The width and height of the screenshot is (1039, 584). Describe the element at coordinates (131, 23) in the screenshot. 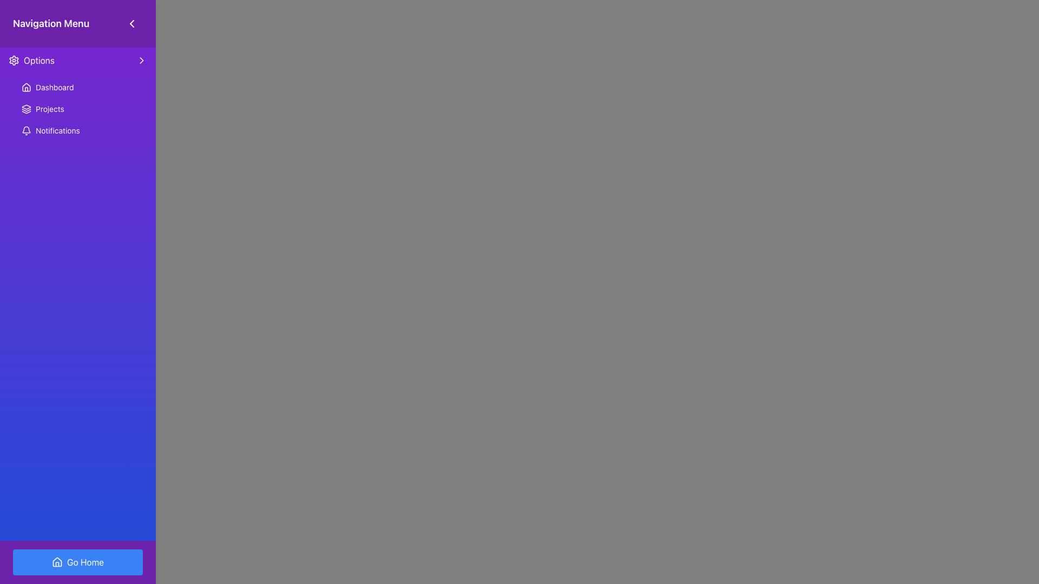

I see `the left-pointing chevron icon in the navigation menu` at that location.